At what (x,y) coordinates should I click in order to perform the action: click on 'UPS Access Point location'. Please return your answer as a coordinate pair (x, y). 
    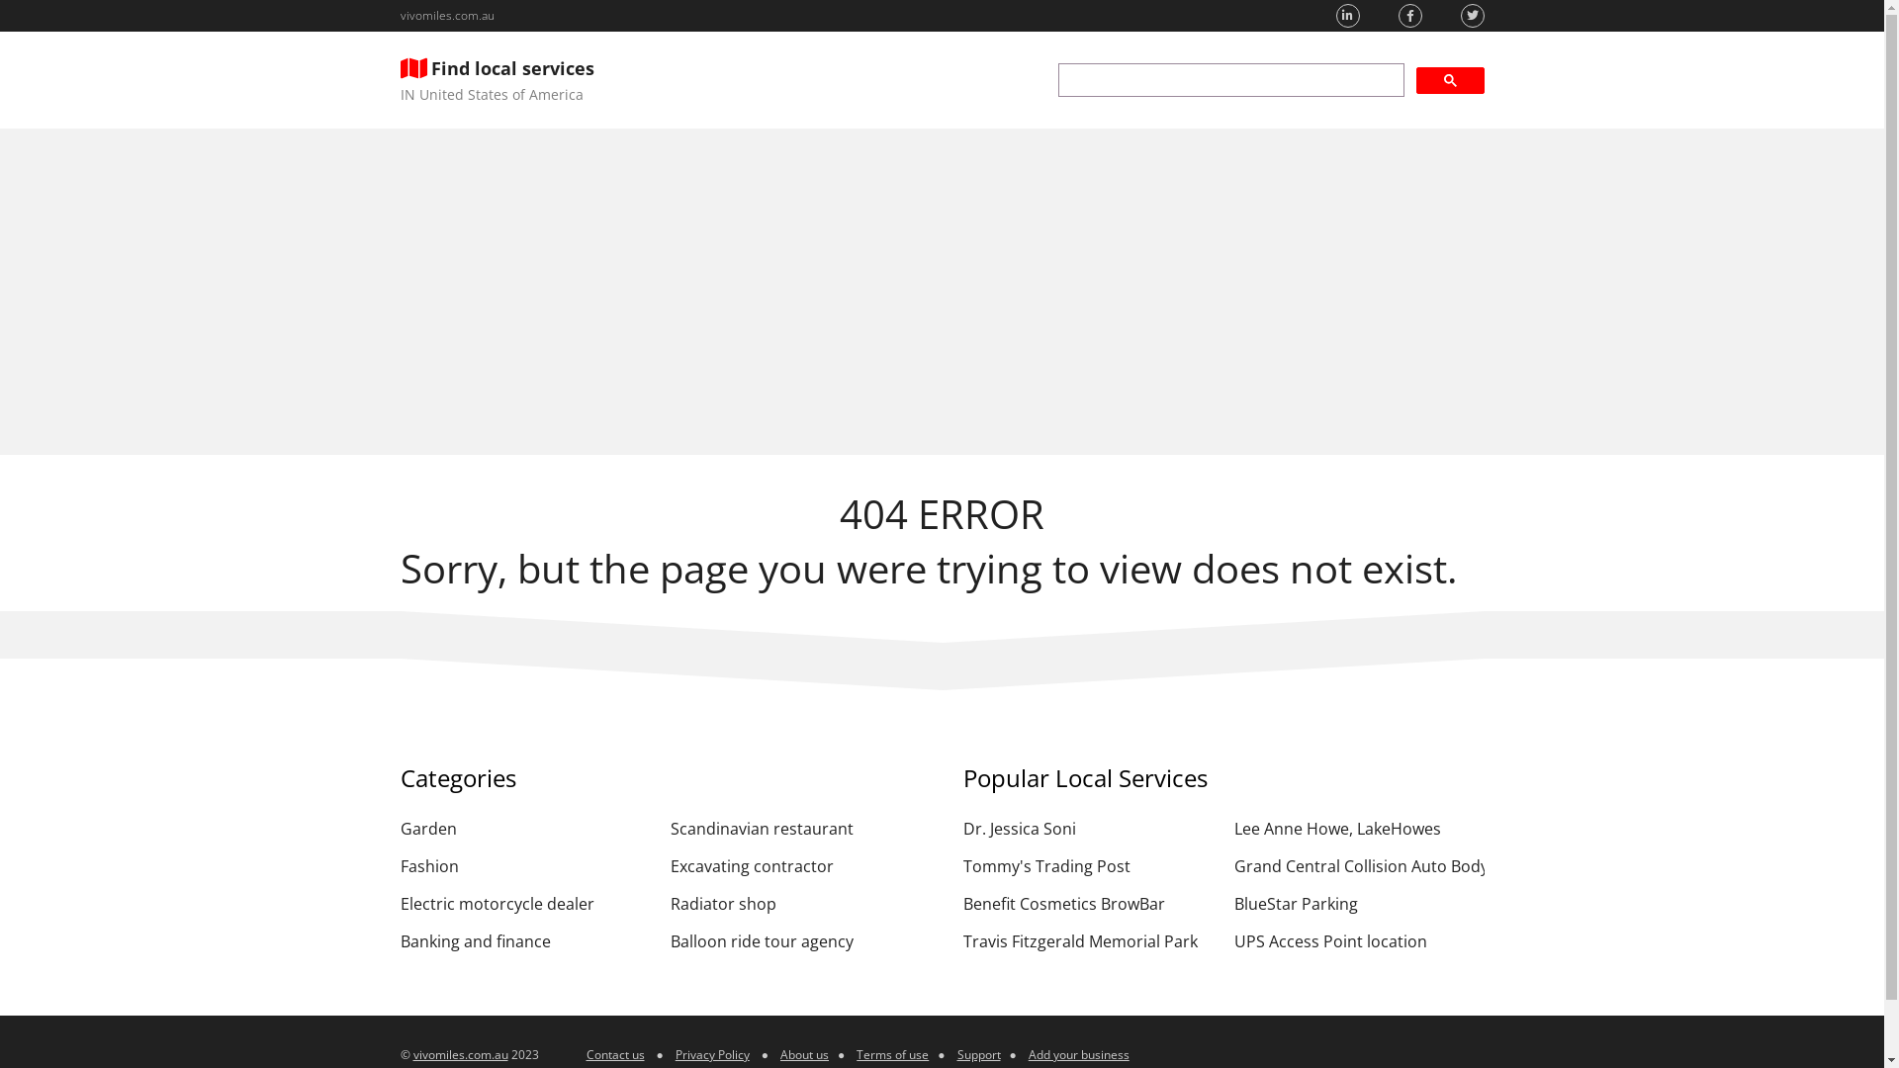
    Looking at the image, I should click on (1233, 940).